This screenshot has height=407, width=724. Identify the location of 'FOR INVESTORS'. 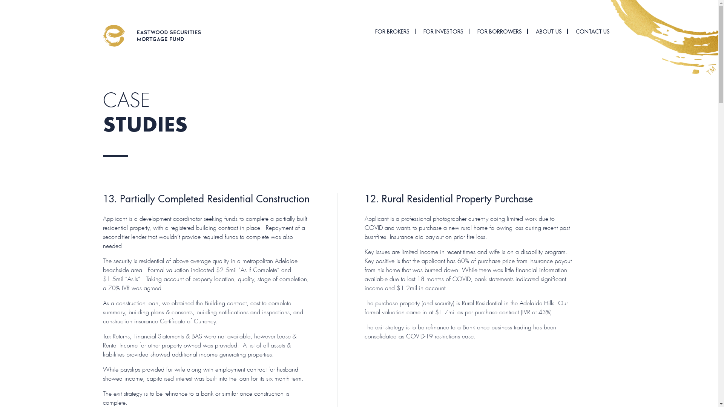
(443, 31).